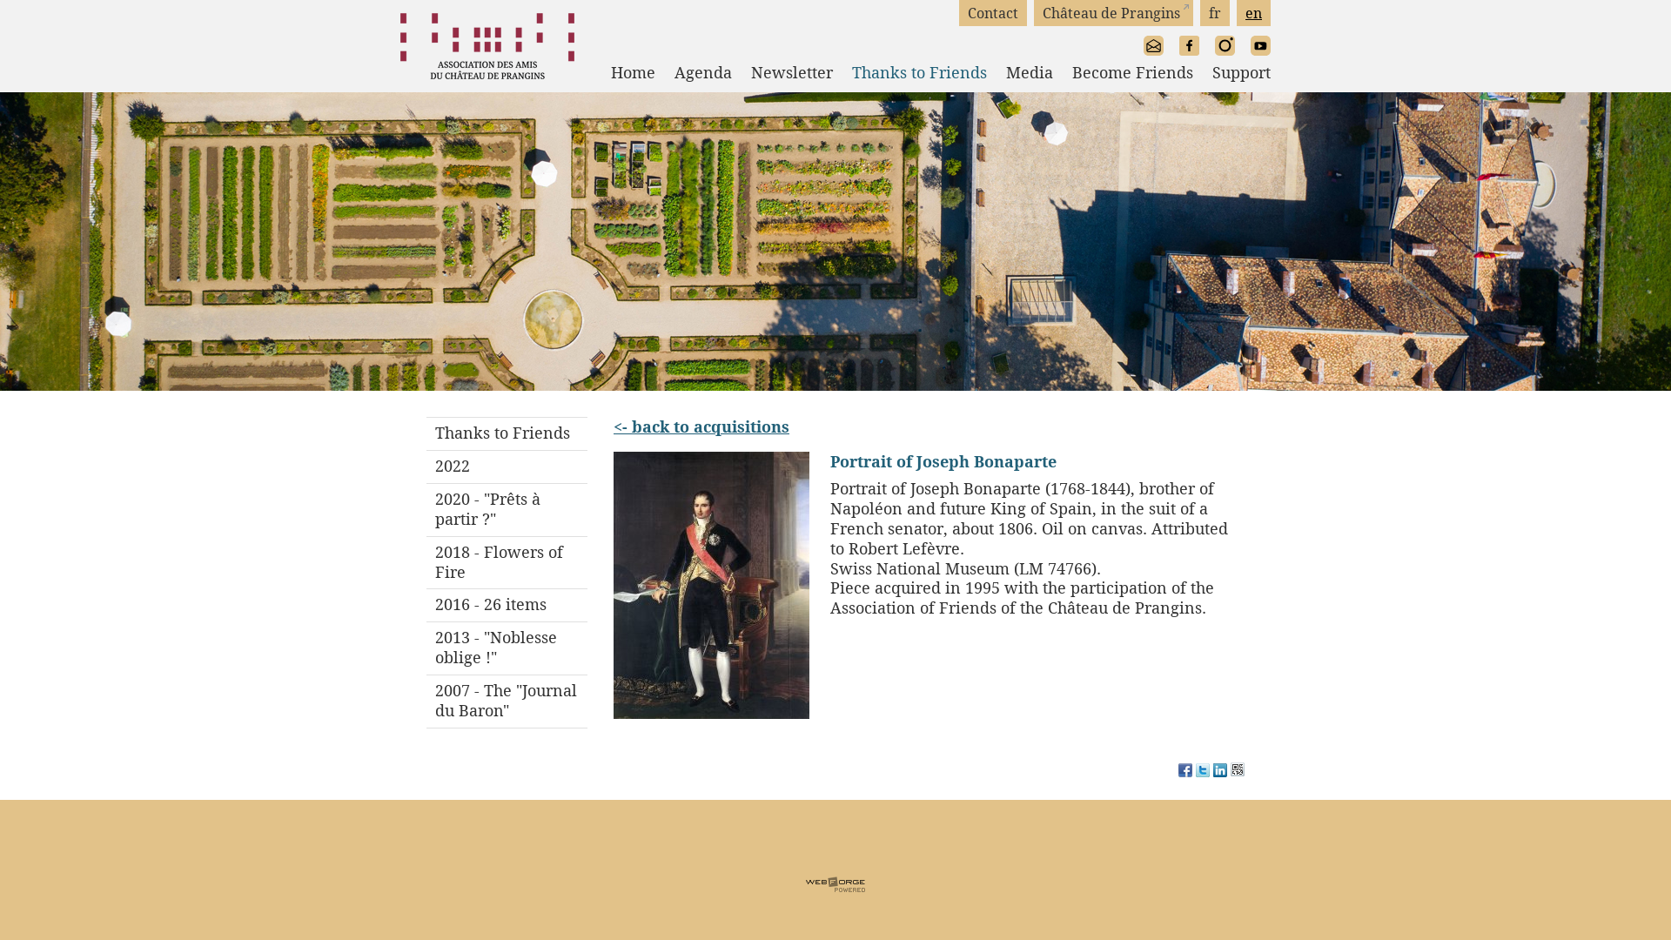  What do you see at coordinates (909, 72) in the screenshot?
I see `'Thanks to Friends'` at bounding box center [909, 72].